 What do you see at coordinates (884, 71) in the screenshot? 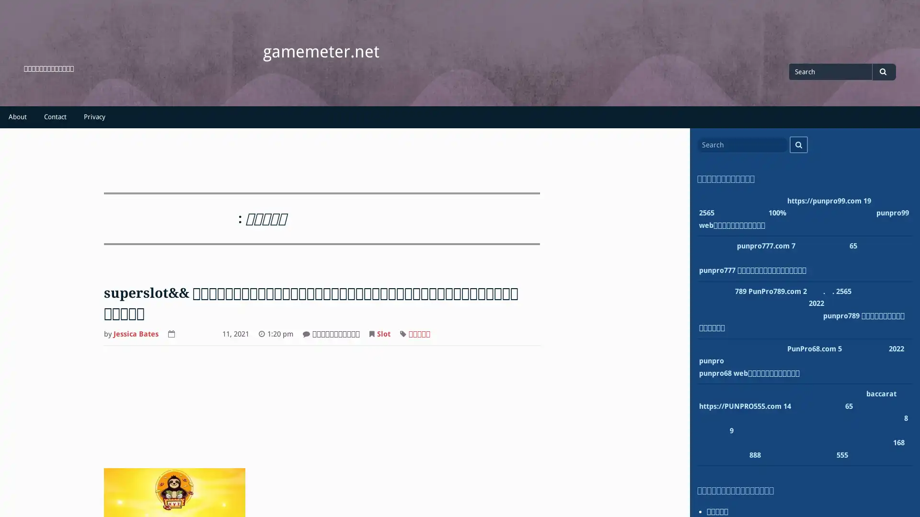
I see `Search` at bounding box center [884, 71].